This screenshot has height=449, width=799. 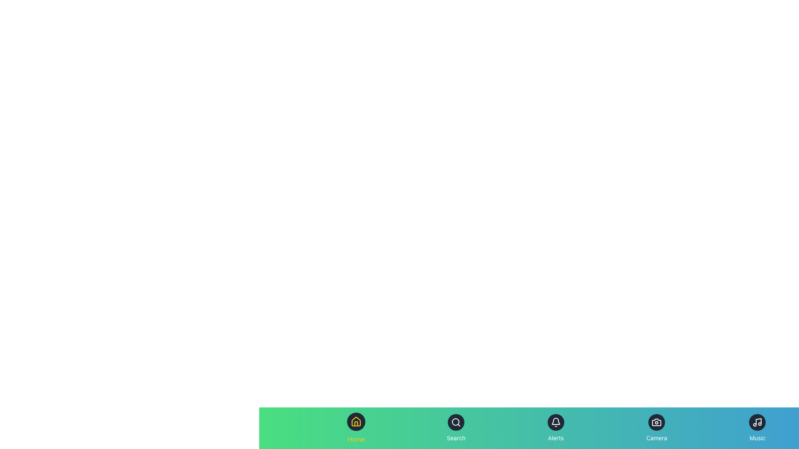 I want to click on the circular notification button with a bell icon located third from the left in the bottom menu row, so click(x=556, y=422).